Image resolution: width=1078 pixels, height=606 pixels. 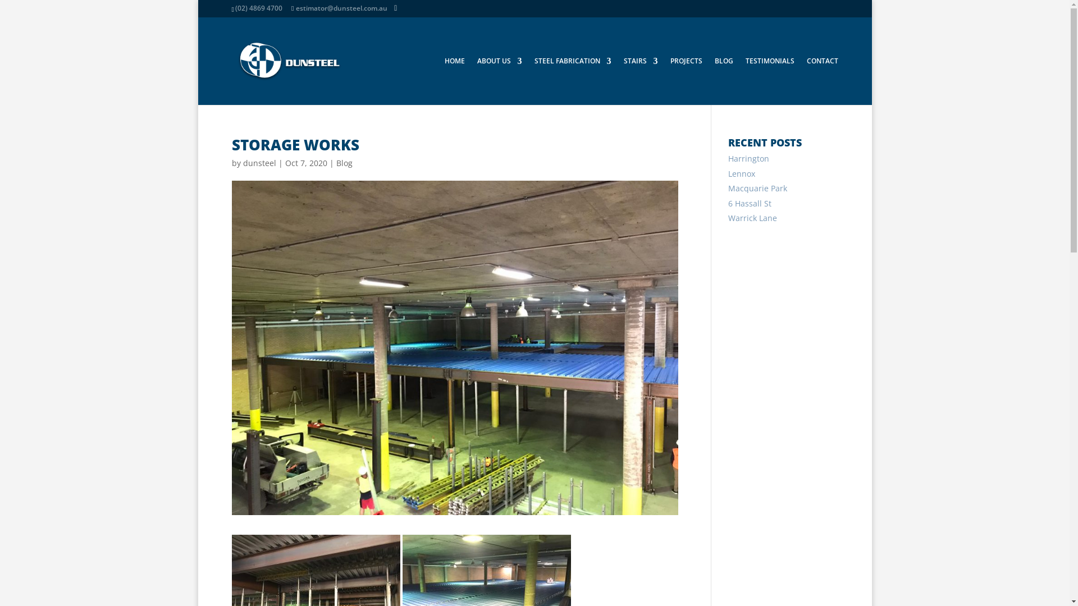 What do you see at coordinates (757, 187) in the screenshot?
I see `'Macquarie Park'` at bounding box center [757, 187].